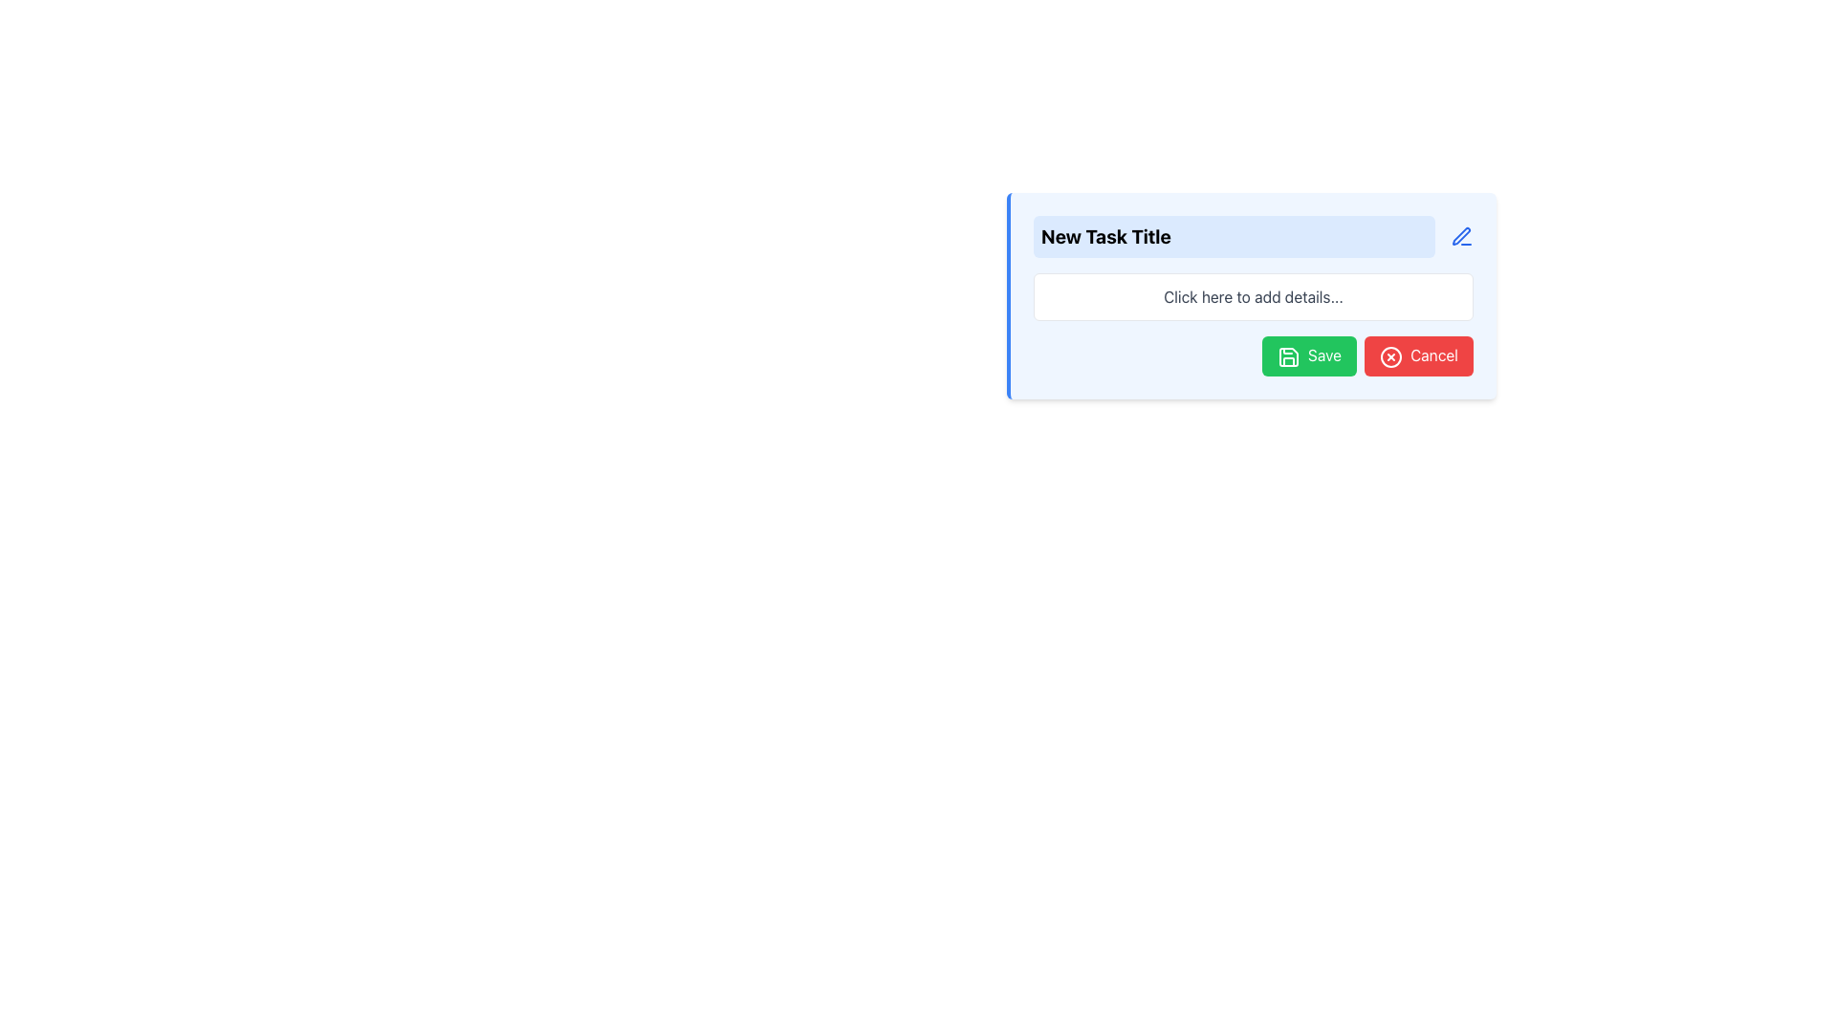 This screenshot has width=1836, height=1032. Describe the element at coordinates (1288, 356) in the screenshot. I see `the save icon located to the immediate left of the green 'Save' button at the bottom center of the interface` at that location.